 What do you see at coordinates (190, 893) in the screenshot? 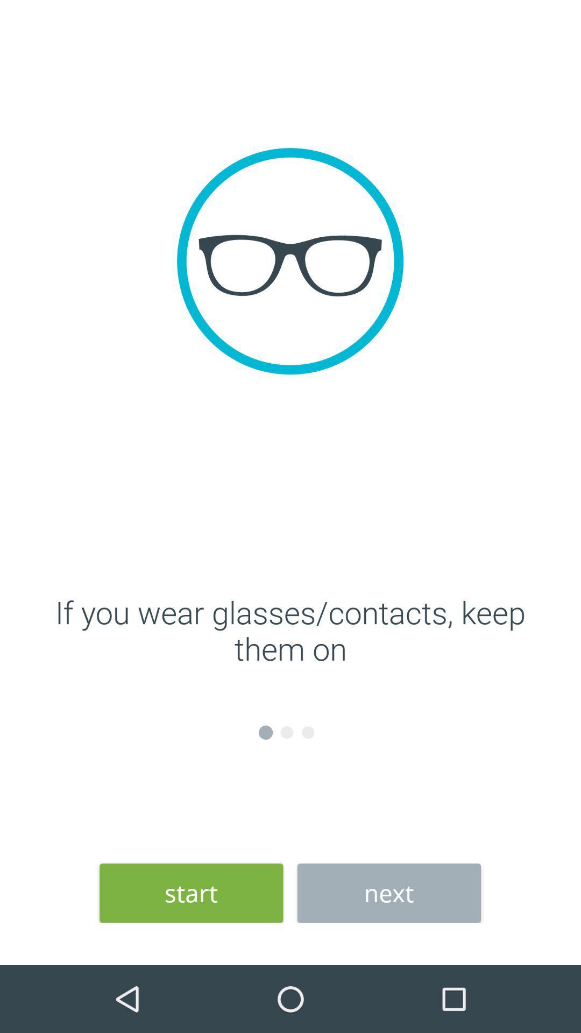
I see `the start` at bounding box center [190, 893].